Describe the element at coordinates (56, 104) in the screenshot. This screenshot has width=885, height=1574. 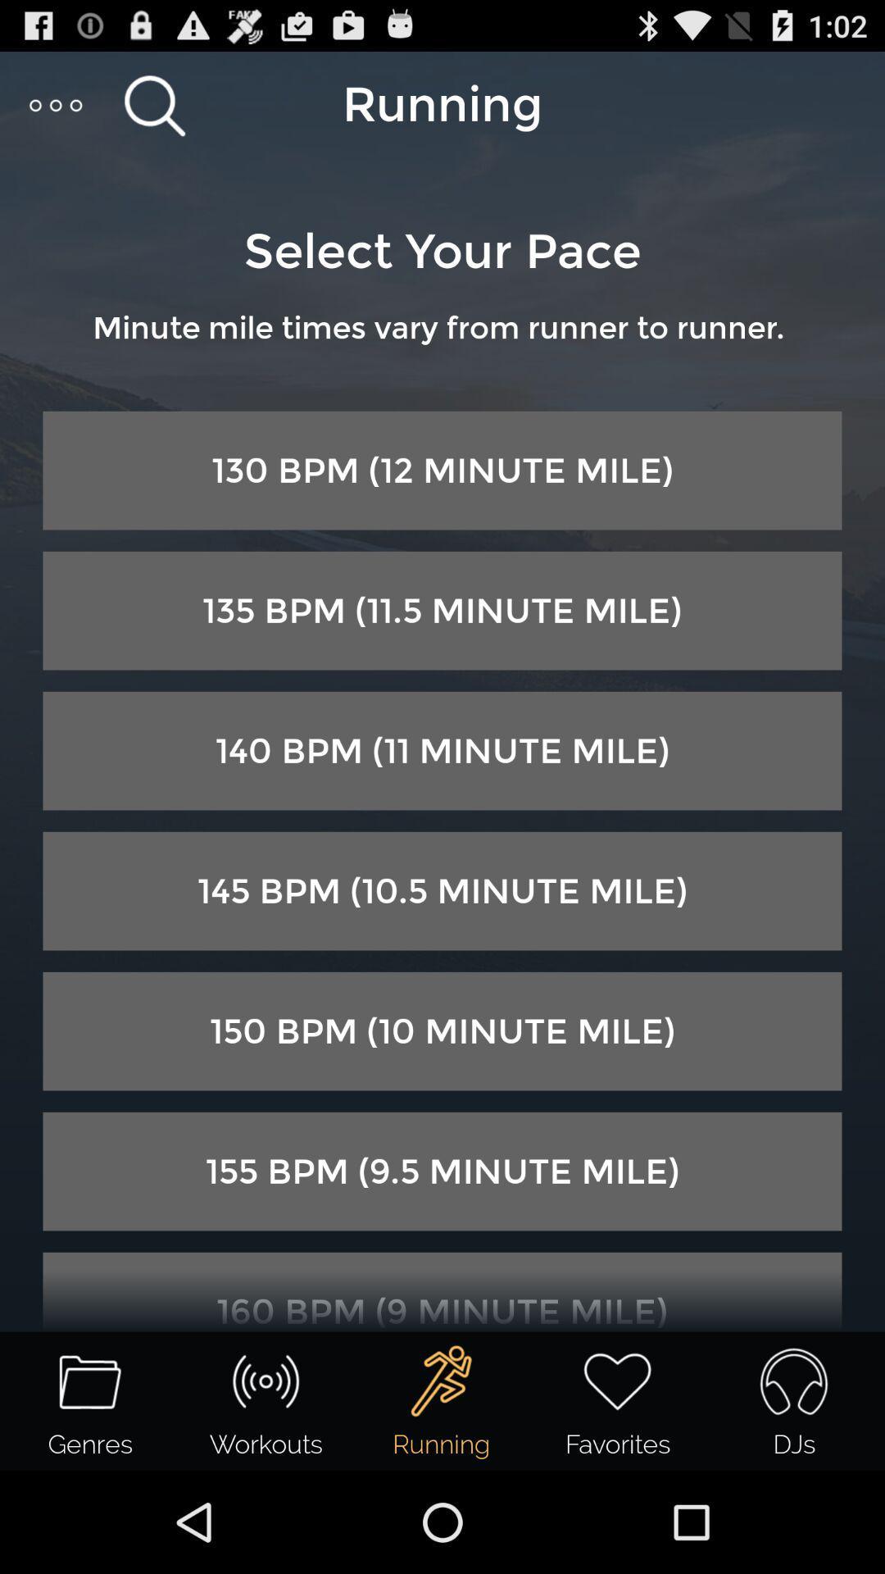
I see `dropdown menu` at that location.